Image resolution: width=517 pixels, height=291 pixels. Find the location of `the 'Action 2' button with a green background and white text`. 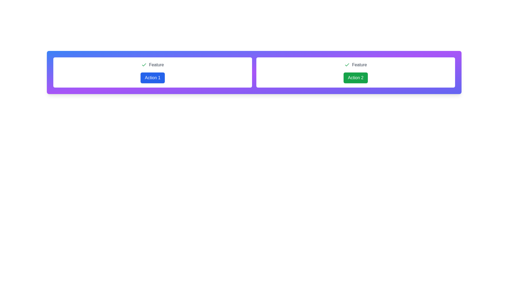

the 'Action 2' button with a green background and white text is located at coordinates (355, 78).